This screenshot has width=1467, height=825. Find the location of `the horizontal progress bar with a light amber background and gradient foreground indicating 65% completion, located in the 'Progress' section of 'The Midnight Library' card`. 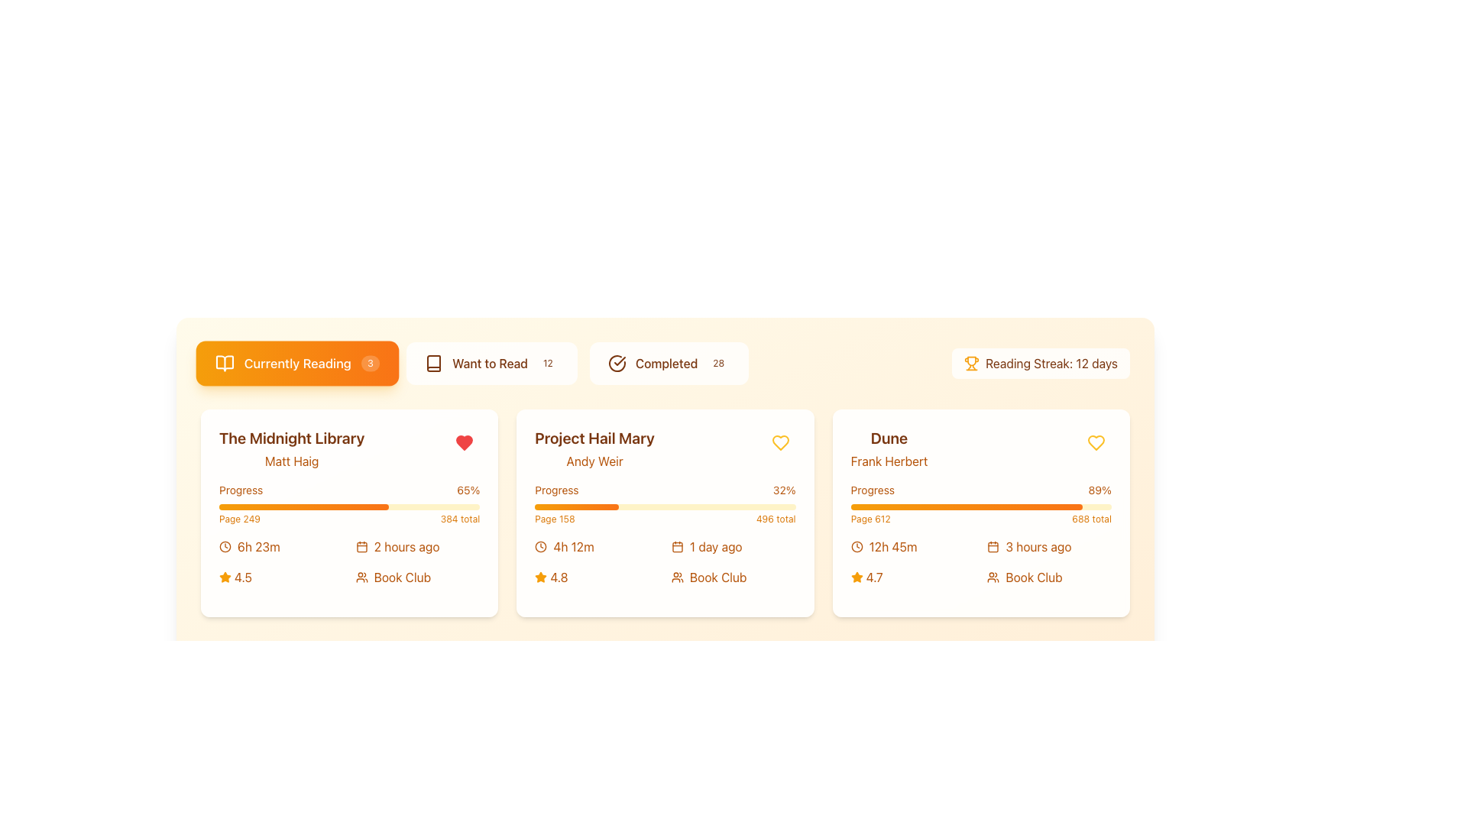

the horizontal progress bar with a light amber background and gradient foreground indicating 65% completion, located in the 'Progress' section of 'The Midnight Library' card is located at coordinates (348, 506).